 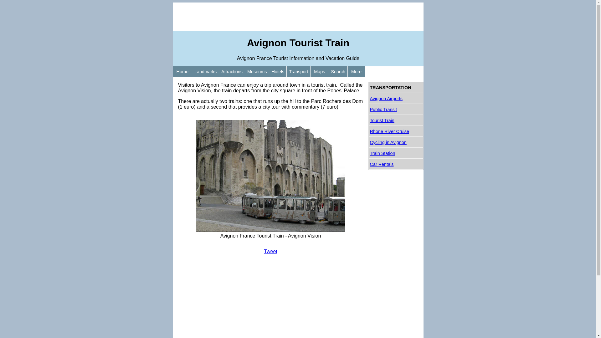 I want to click on ' Maps ', so click(x=319, y=71).